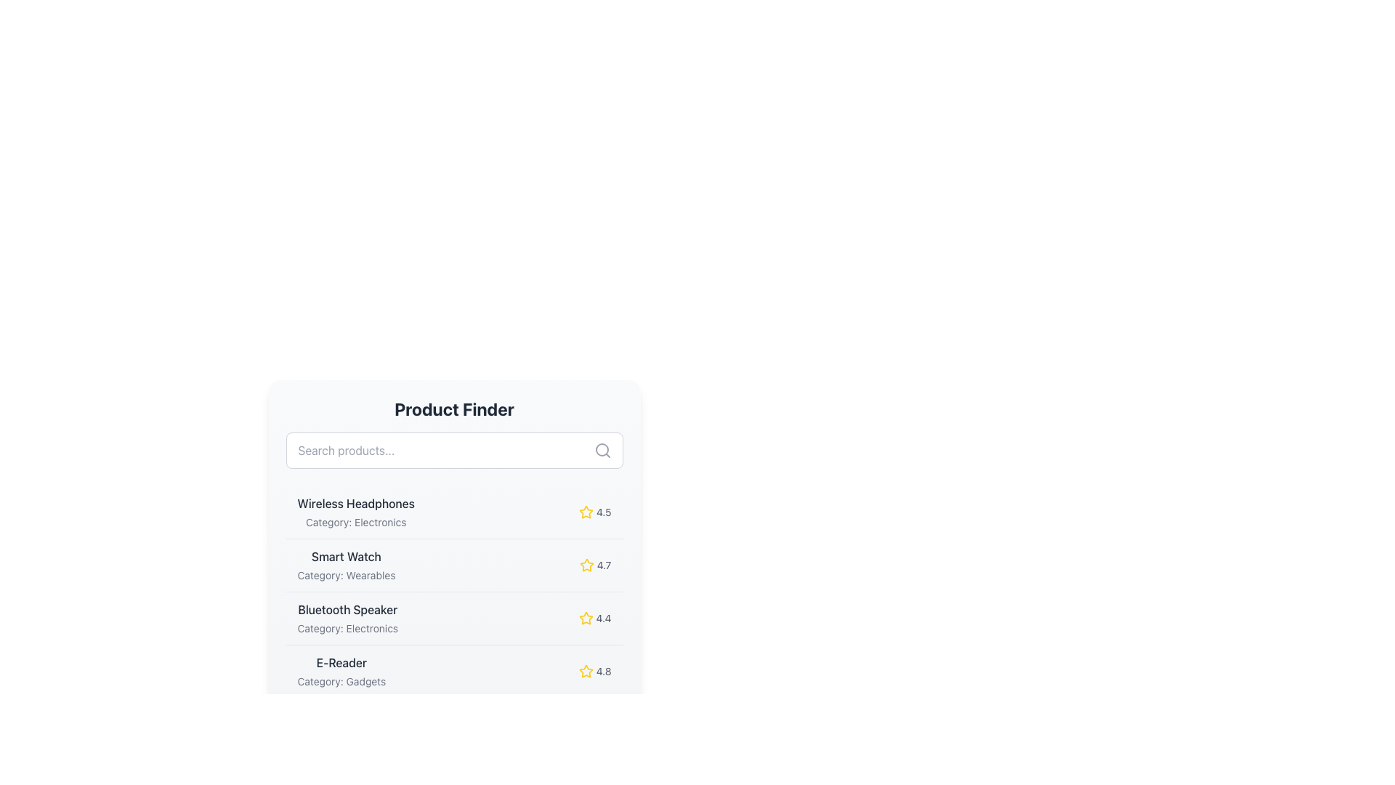 This screenshot has height=785, width=1395. Describe the element at coordinates (604, 565) in the screenshot. I see `the small textual component displaying the number '4.7' in light gray color, located next to the yellow star icon in the 'Smart Watch' list item under 'Category: Wearables'` at that location.